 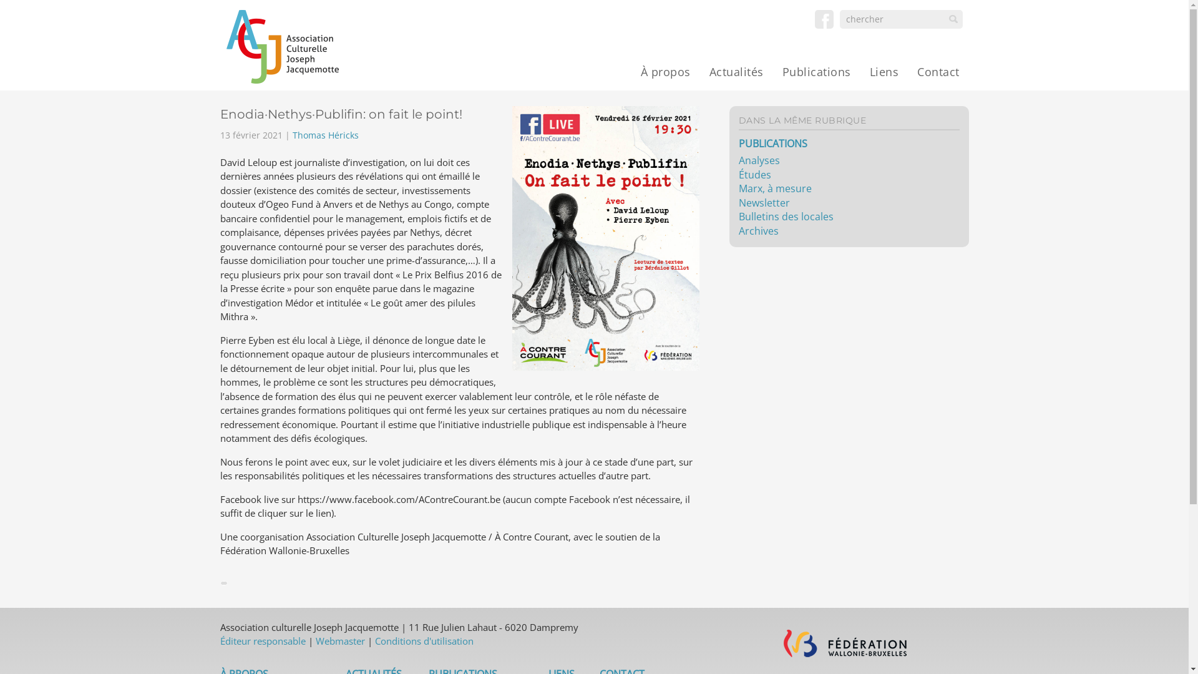 What do you see at coordinates (938, 72) in the screenshot?
I see `'Contact'` at bounding box center [938, 72].